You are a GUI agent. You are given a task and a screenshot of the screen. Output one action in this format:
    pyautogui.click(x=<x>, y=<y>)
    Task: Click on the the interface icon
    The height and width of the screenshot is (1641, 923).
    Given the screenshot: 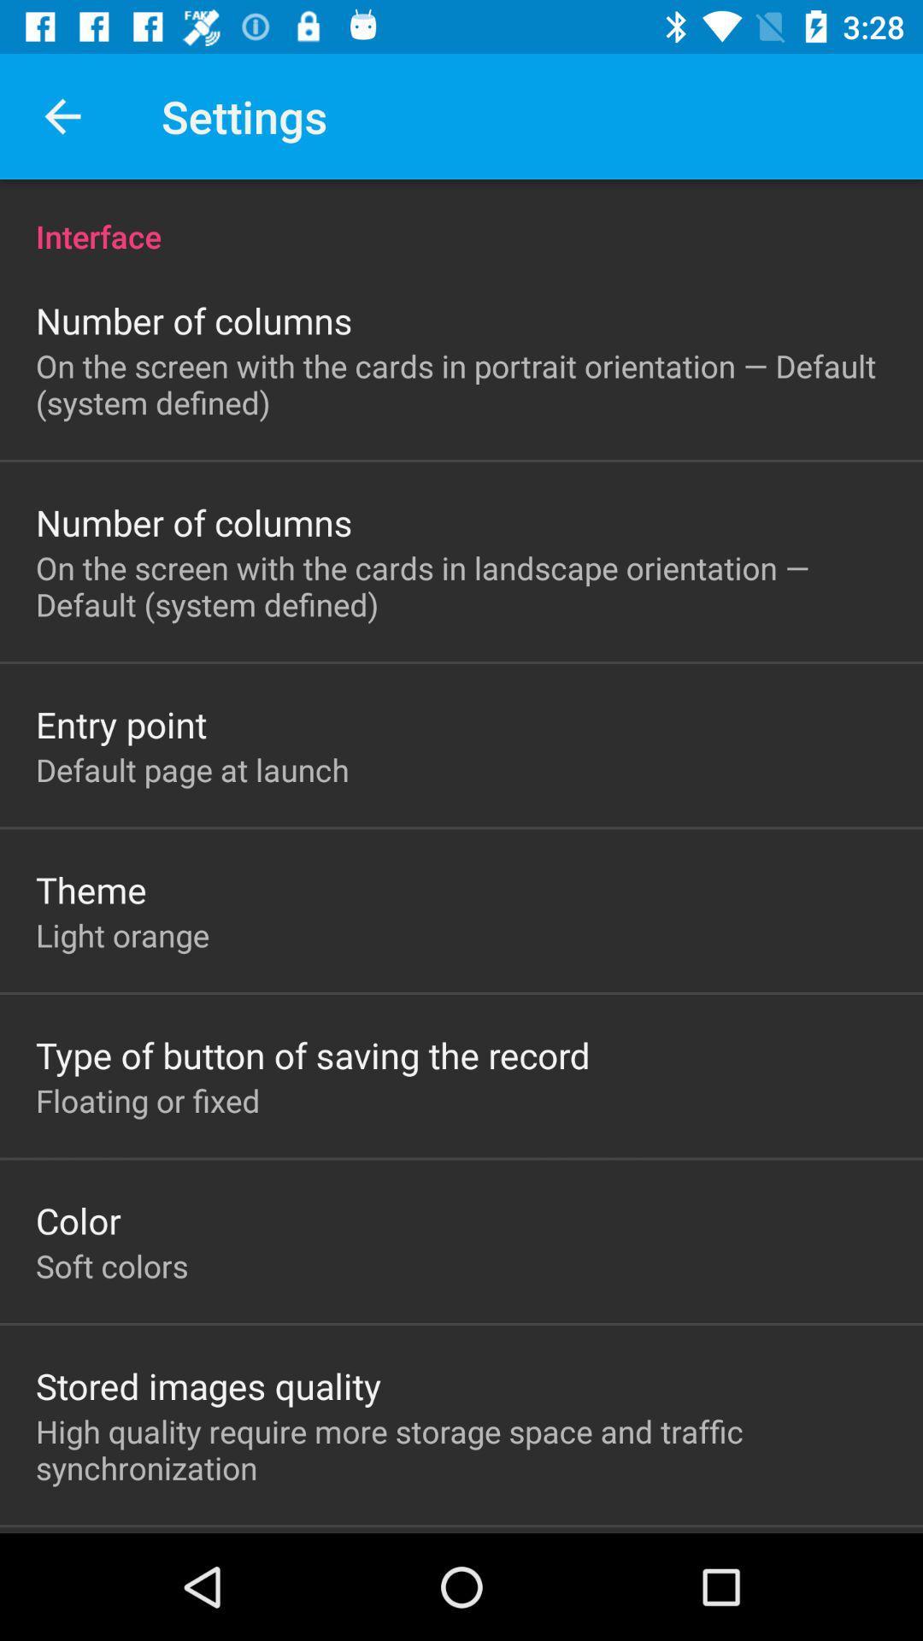 What is the action you would take?
    pyautogui.click(x=461, y=217)
    